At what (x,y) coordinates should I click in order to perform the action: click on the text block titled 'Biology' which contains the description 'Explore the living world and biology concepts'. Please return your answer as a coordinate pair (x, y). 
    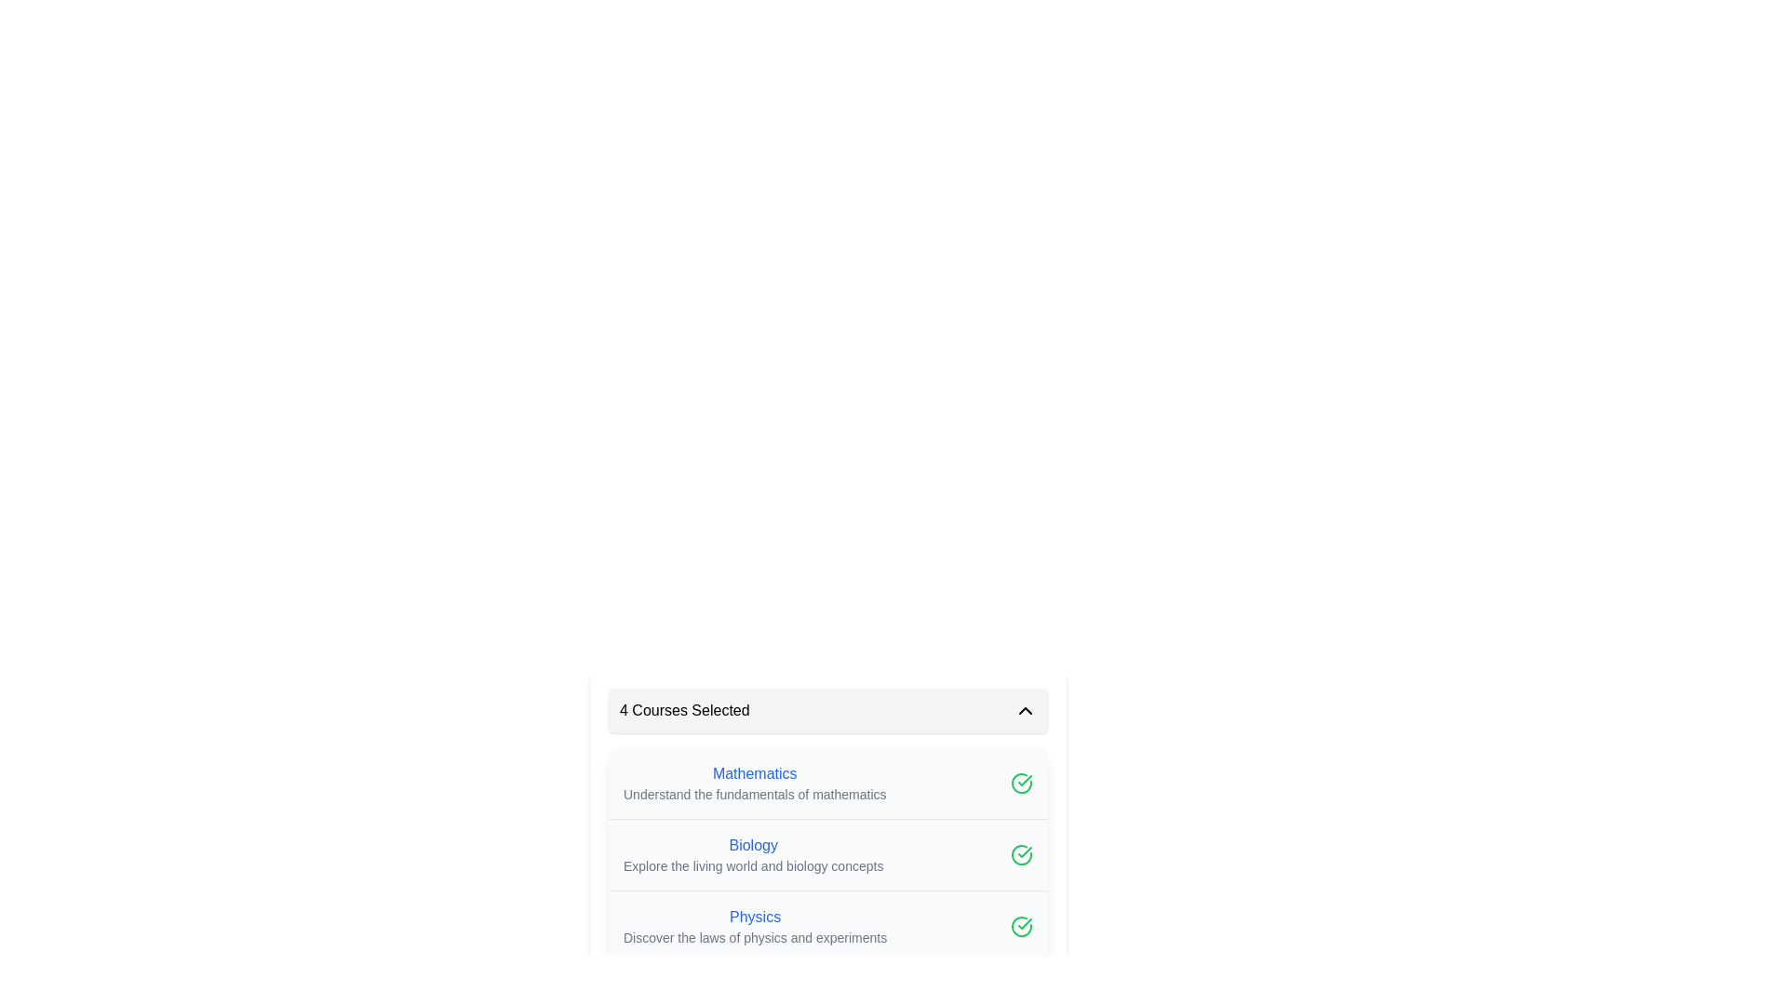
    Looking at the image, I should click on (753, 854).